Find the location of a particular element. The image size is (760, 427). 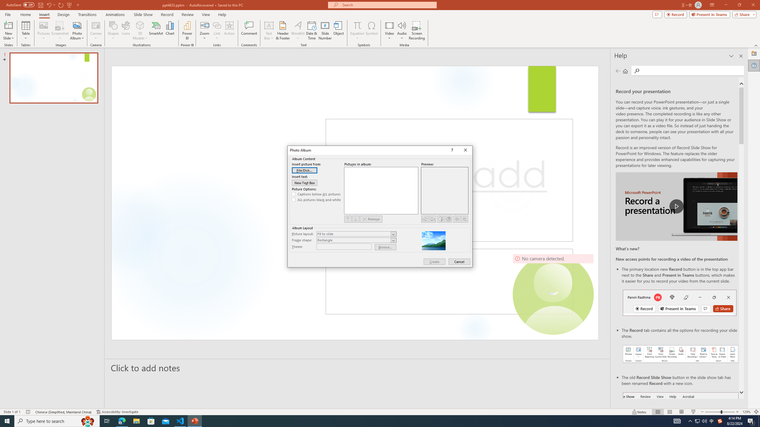

'Screenshot' is located at coordinates (60, 31).